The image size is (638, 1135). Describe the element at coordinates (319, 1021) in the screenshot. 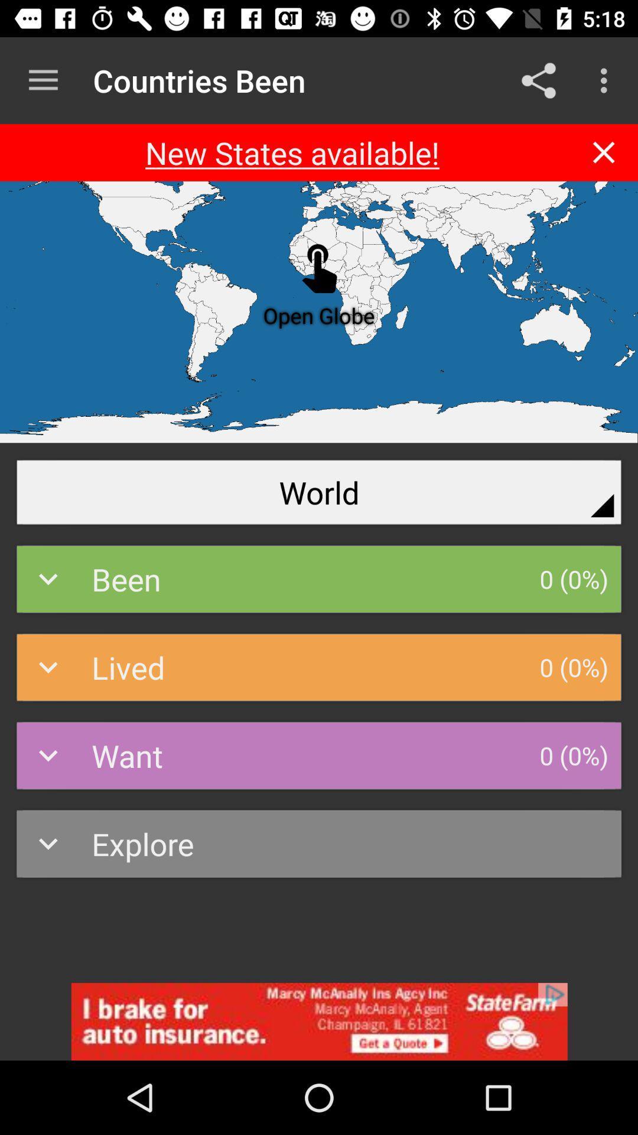

I see `countries been` at that location.